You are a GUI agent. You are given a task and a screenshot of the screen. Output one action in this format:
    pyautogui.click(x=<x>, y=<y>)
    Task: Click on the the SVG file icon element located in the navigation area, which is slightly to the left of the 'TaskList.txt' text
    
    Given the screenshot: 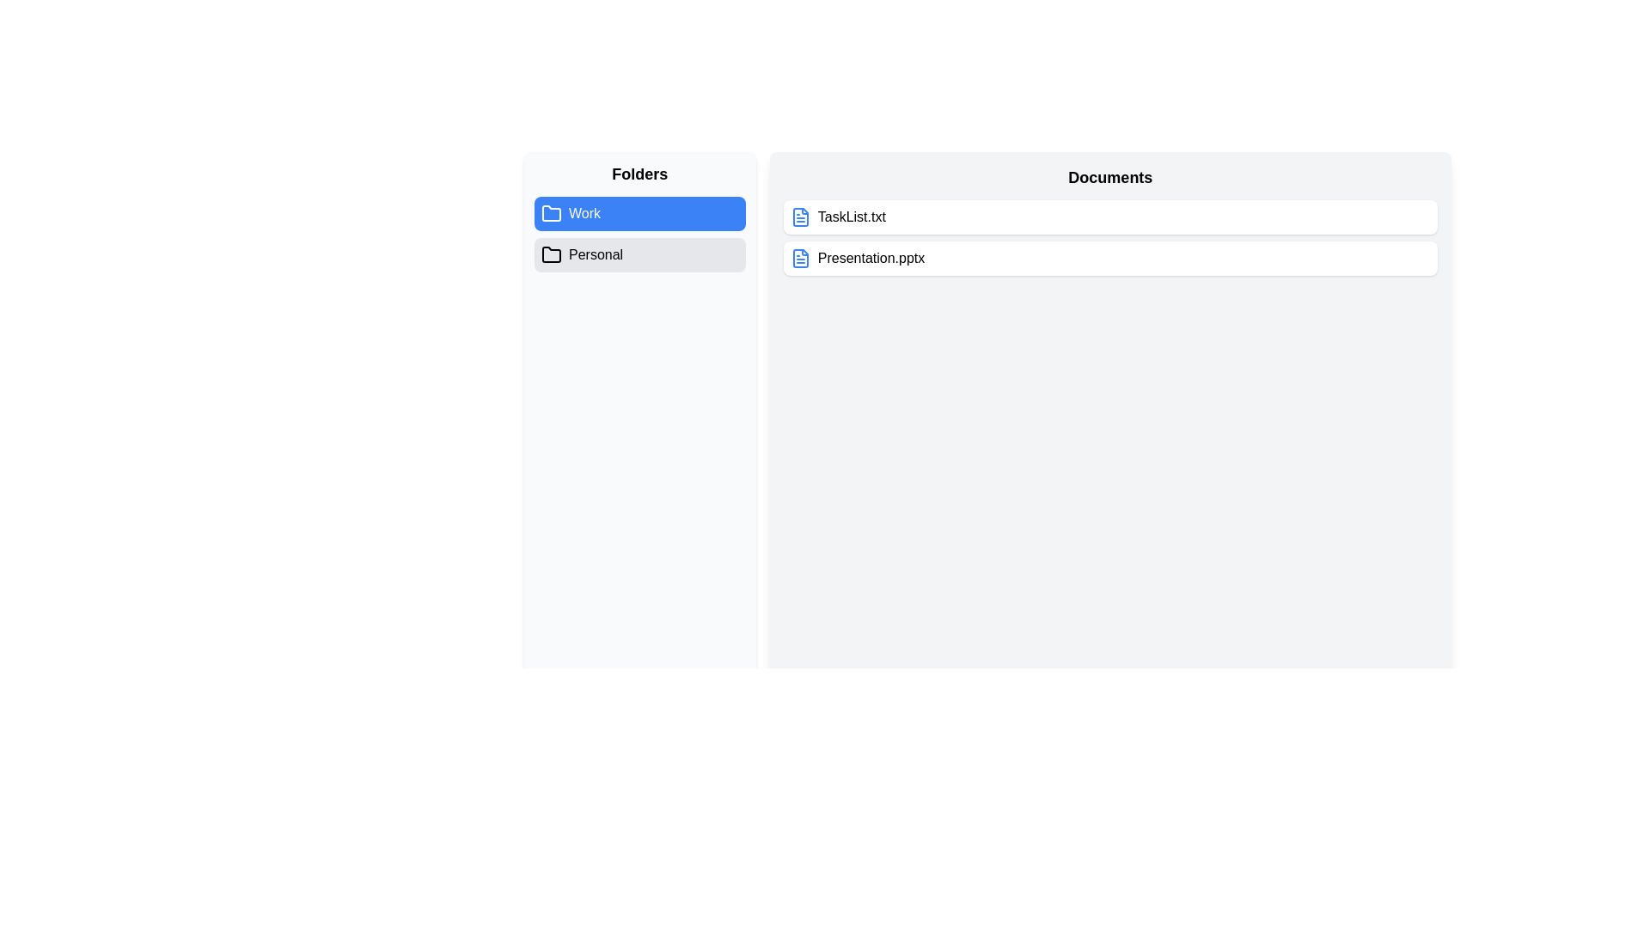 What is the action you would take?
    pyautogui.click(x=799, y=217)
    